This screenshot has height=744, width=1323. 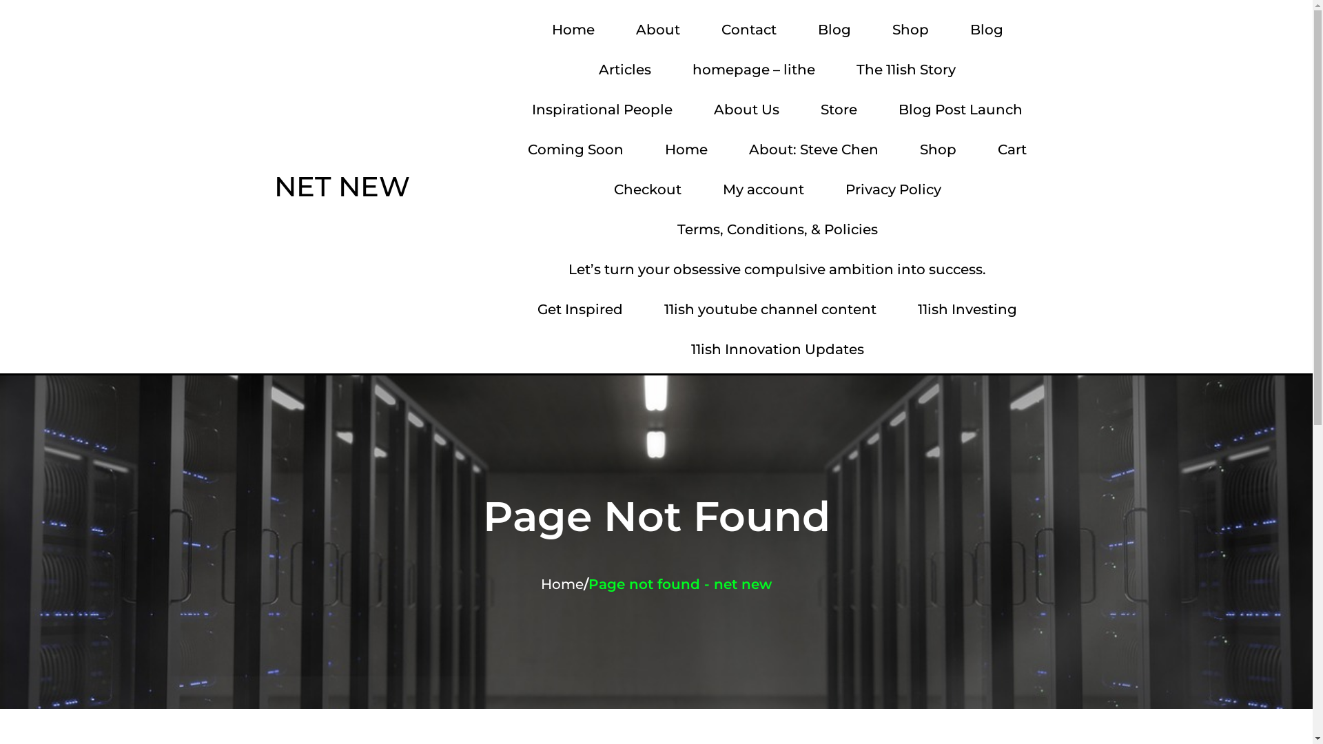 What do you see at coordinates (1012, 149) in the screenshot?
I see `'Cart'` at bounding box center [1012, 149].